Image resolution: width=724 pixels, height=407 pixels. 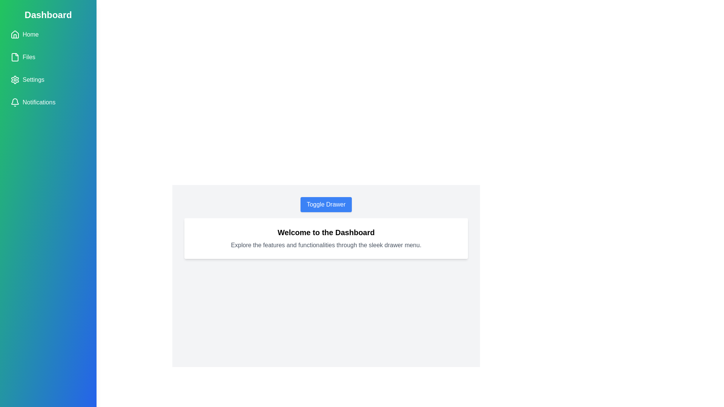 I want to click on the menu item Settings to navigate, so click(x=48, y=80).